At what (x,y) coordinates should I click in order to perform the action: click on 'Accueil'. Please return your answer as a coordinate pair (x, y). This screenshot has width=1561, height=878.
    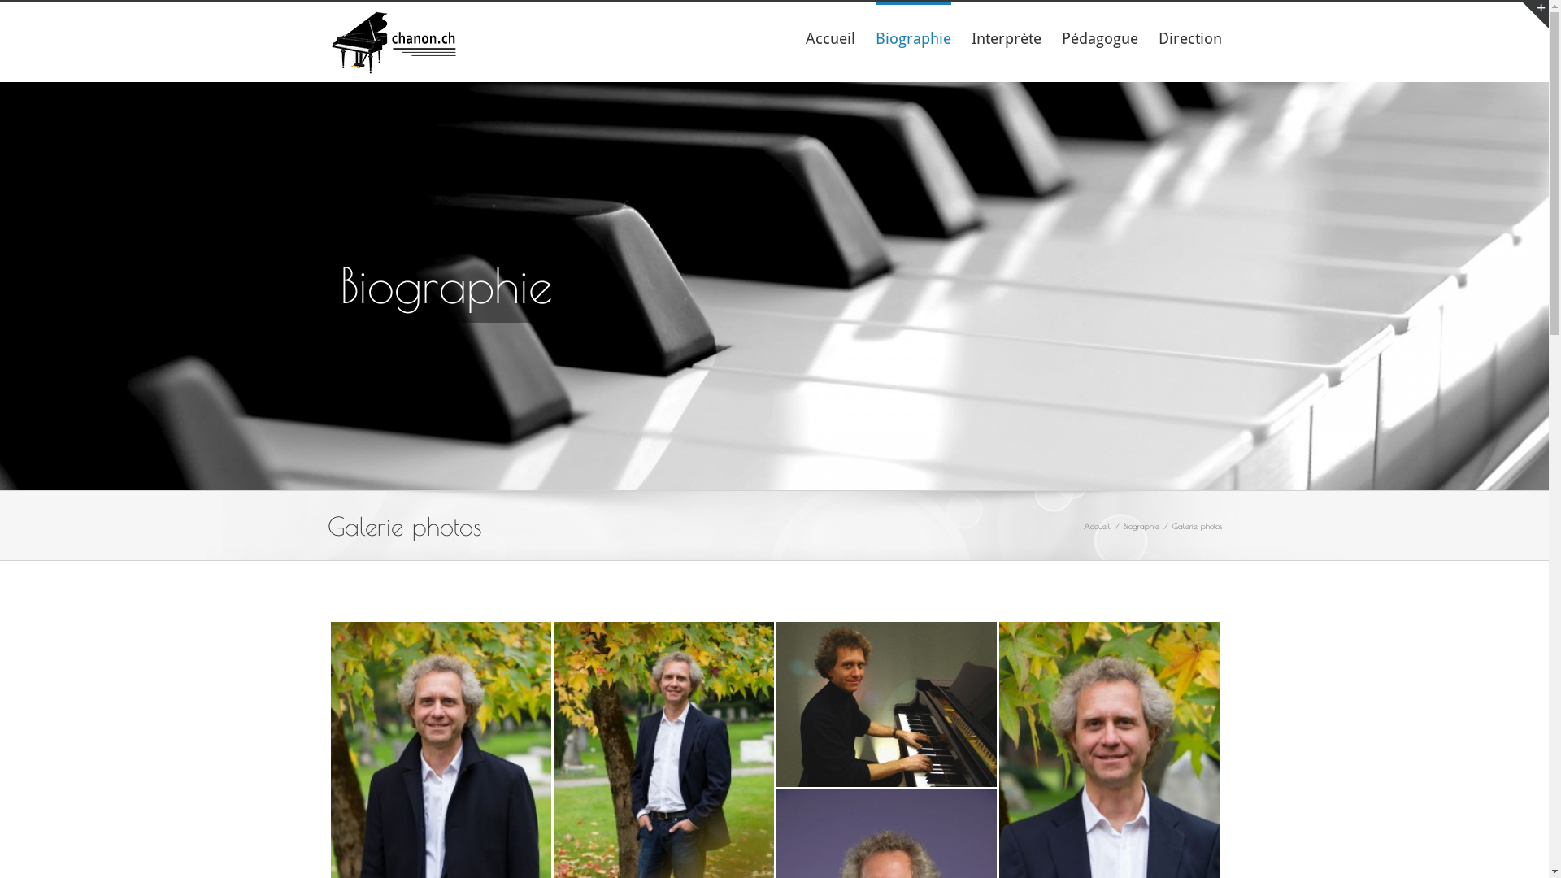
    Looking at the image, I should click on (1096, 524).